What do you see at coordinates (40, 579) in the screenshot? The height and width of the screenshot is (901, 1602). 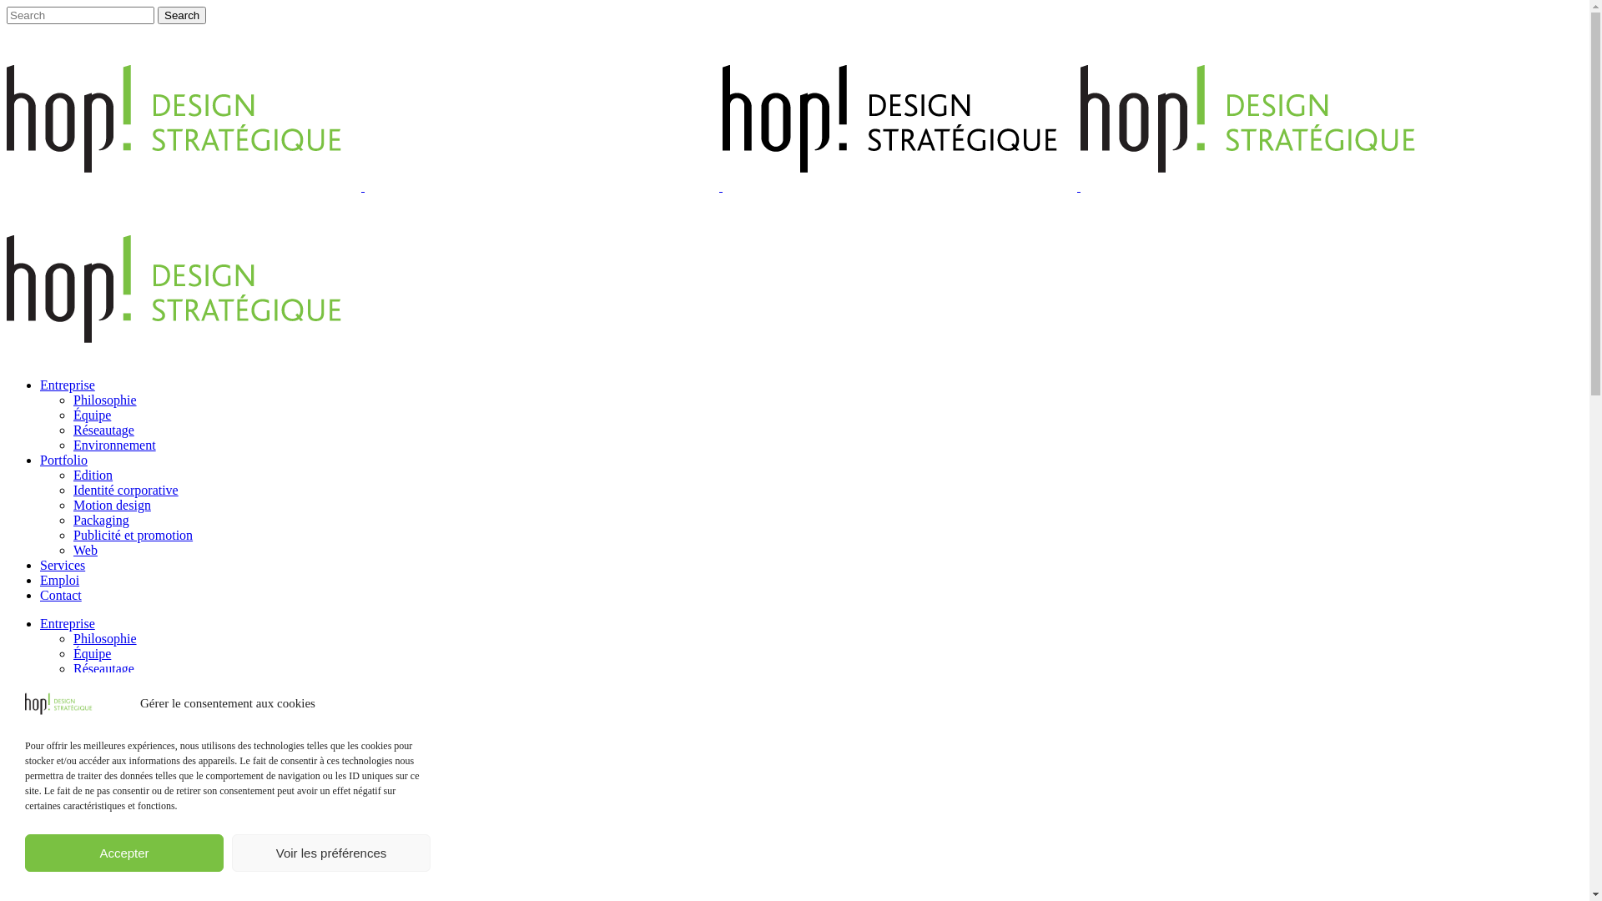 I see `'Emploi'` at bounding box center [40, 579].